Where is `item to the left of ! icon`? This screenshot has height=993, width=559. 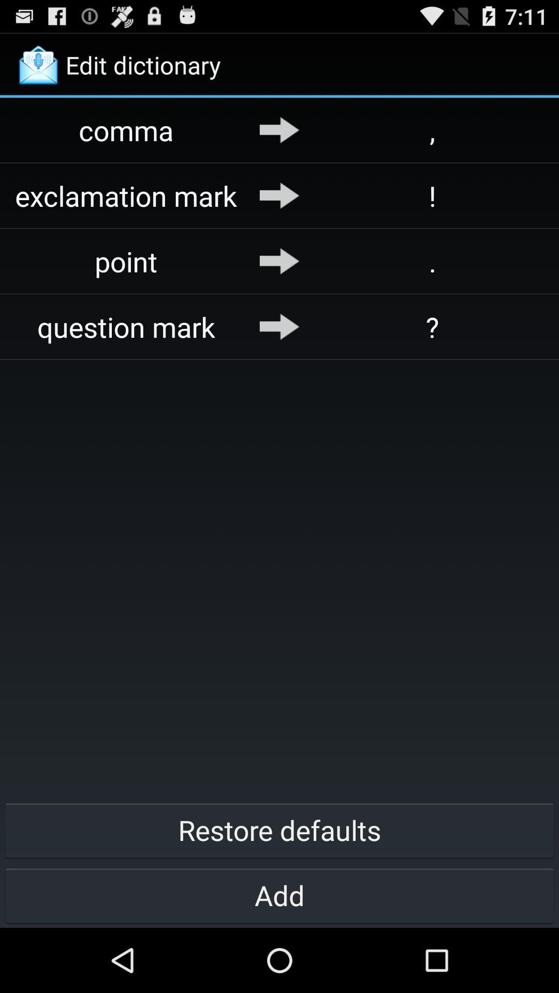
item to the left of ! icon is located at coordinates (279, 195).